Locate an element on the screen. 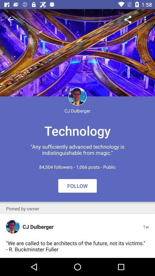 The height and width of the screenshot is (276, 155). the pinned by owner is located at coordinates (22, 208).